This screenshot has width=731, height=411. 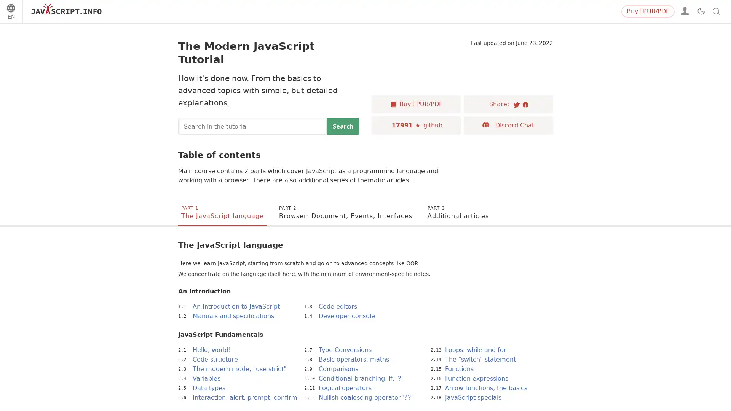 What do you see at coordinates (704, 11) in the screenshot?
I see `Search` at bounding box center [704, 11].